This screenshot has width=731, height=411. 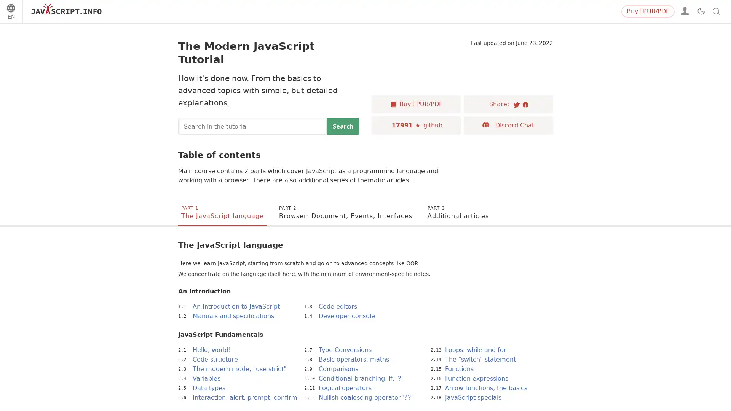 What do you see at coordinates (704, 11) in the screenshot?
I see `Search` at bounding box center [704, 11].